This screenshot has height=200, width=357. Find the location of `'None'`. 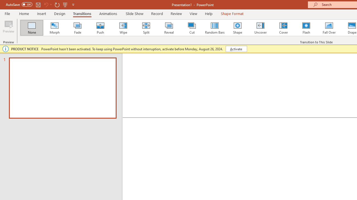

'None' is located at coordinates (31, 28).